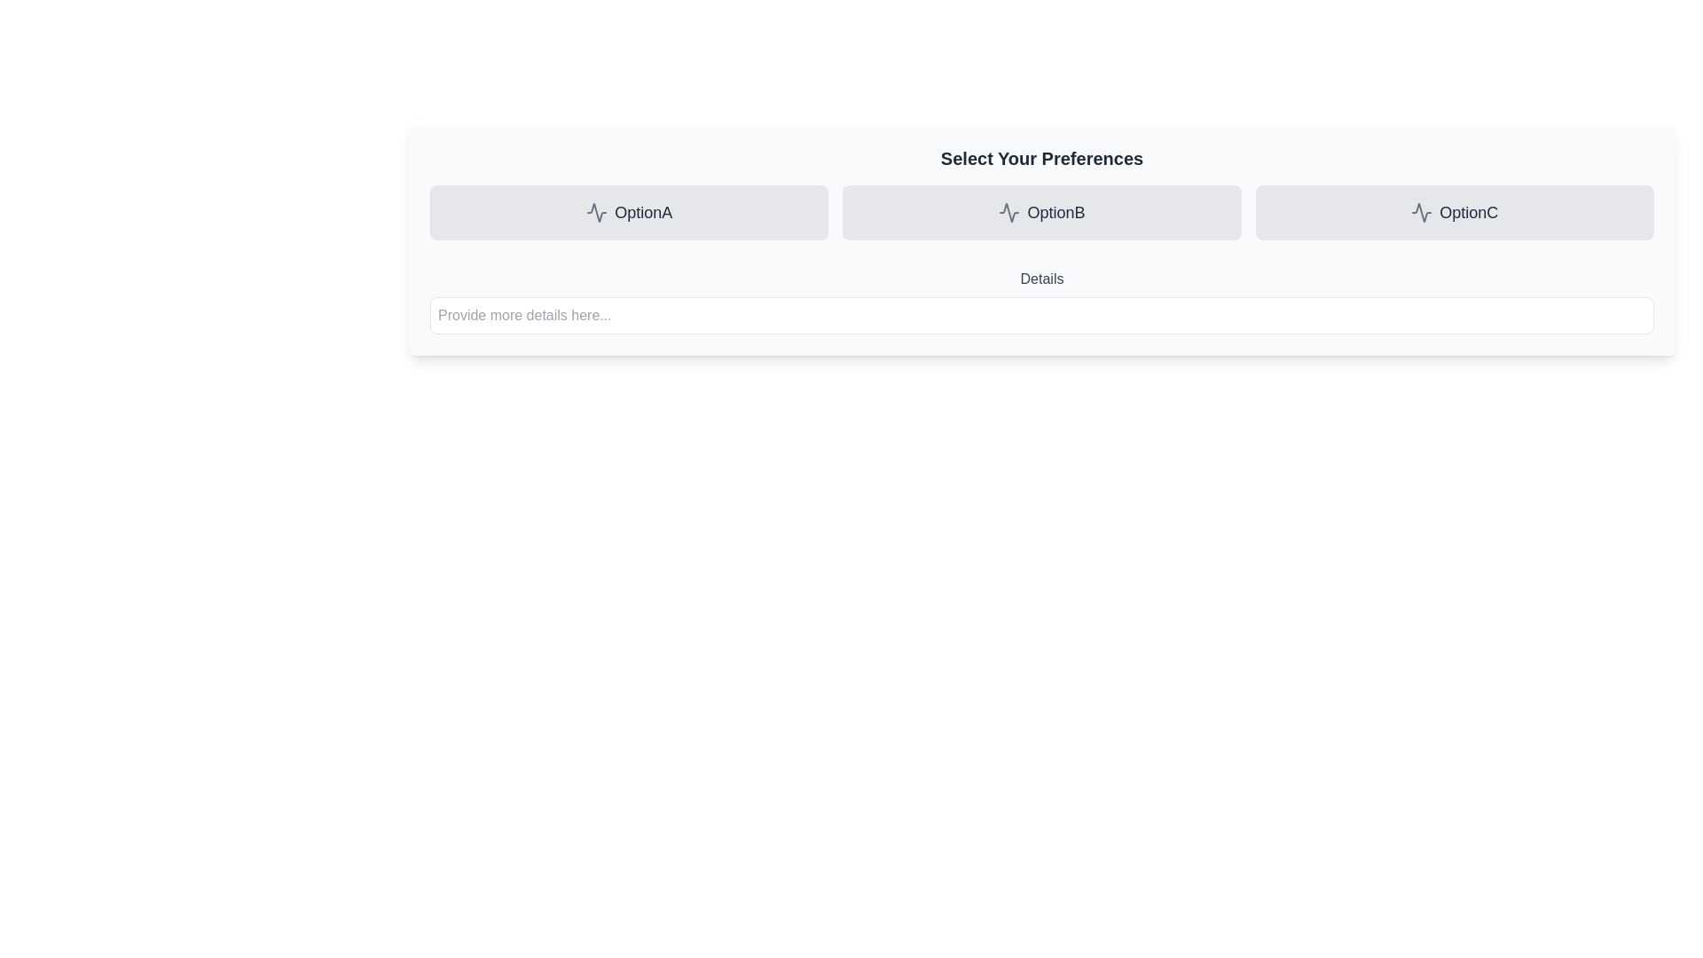  Describe the element at coordinates (1009, 211) in the screenshot. I see `the waveform icon, which is gray and located within the 'OptionB' button, the second option among three, centered in its button` at that location.